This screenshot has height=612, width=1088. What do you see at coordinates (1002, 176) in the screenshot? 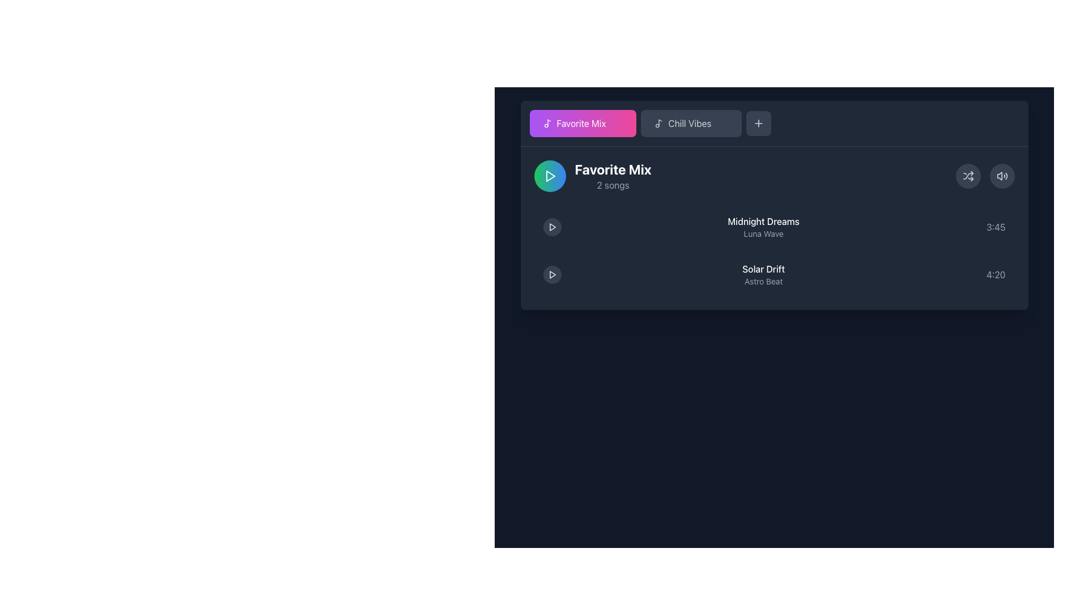
I see `the second audio control button located to the right of the shuffle button` at bounding box center [1002, 176].